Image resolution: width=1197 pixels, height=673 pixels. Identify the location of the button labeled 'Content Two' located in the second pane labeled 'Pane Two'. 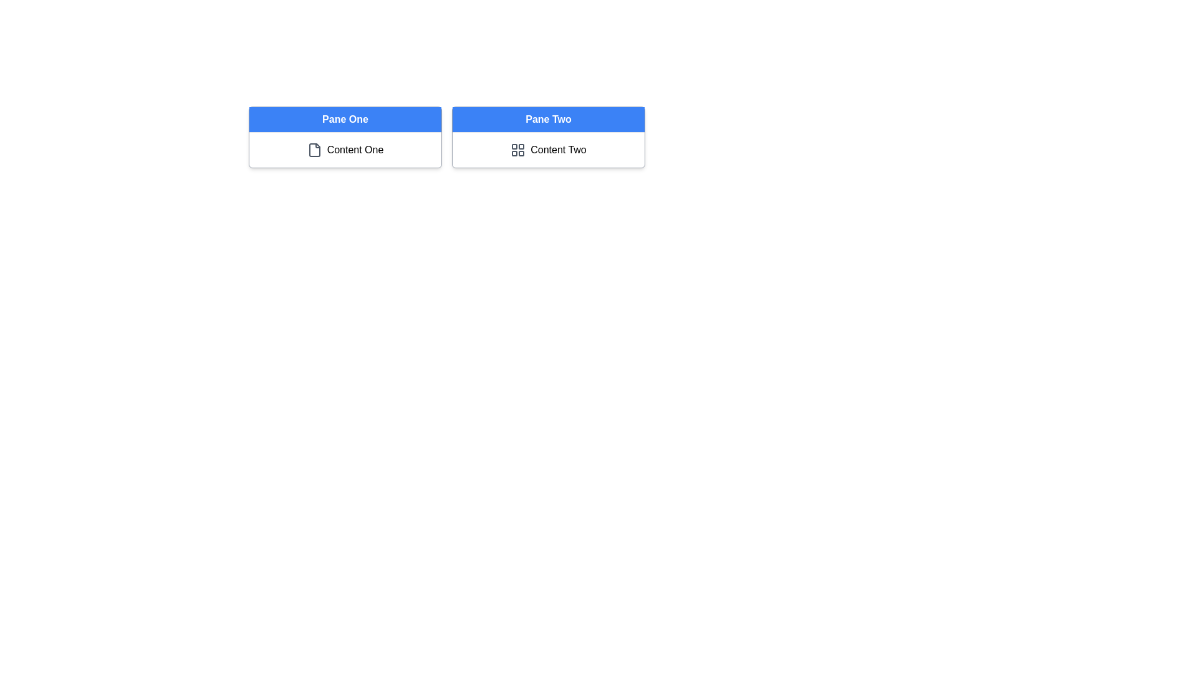
(548, 149).